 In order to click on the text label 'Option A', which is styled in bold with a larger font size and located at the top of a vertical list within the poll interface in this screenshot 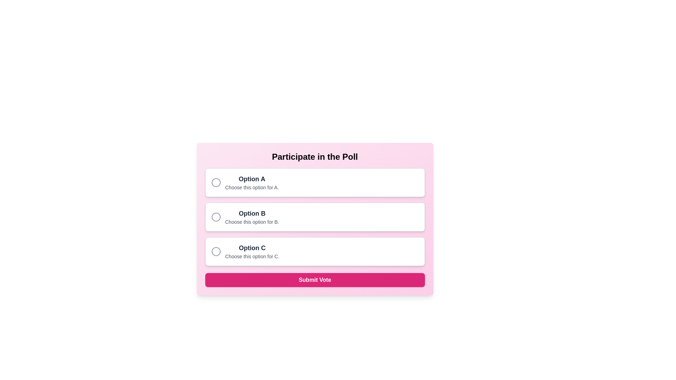, I will do `click(252, 179)`.